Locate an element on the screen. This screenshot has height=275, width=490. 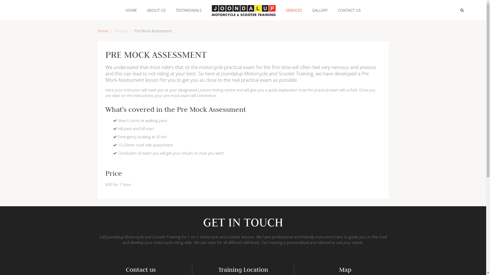
'TESTIMONIALS' is located at coordinates (188, 10).